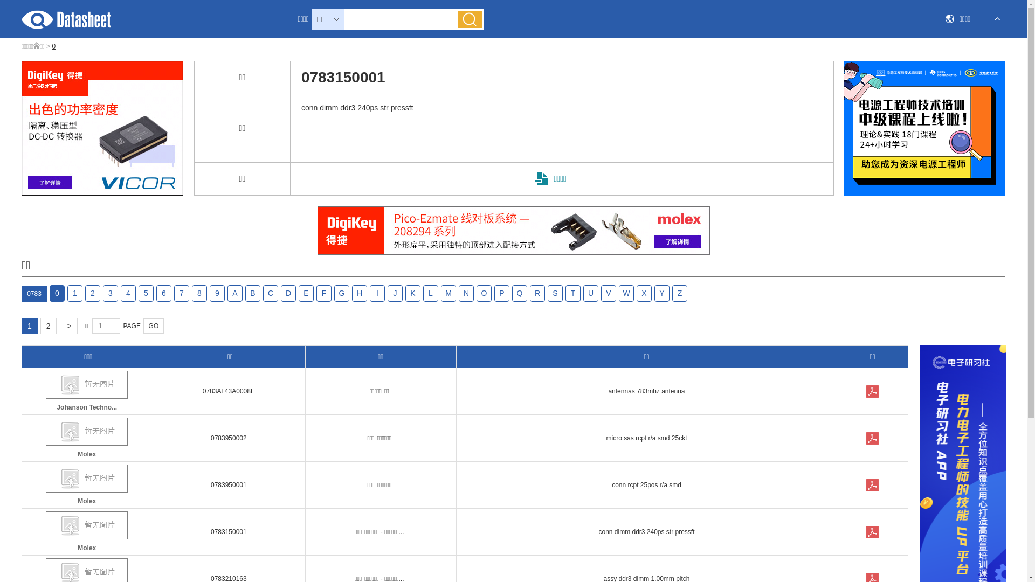  What do you see at coordinates (626, 293) in the screenshot?
I see `'W'` at bounding box center [626, 293].